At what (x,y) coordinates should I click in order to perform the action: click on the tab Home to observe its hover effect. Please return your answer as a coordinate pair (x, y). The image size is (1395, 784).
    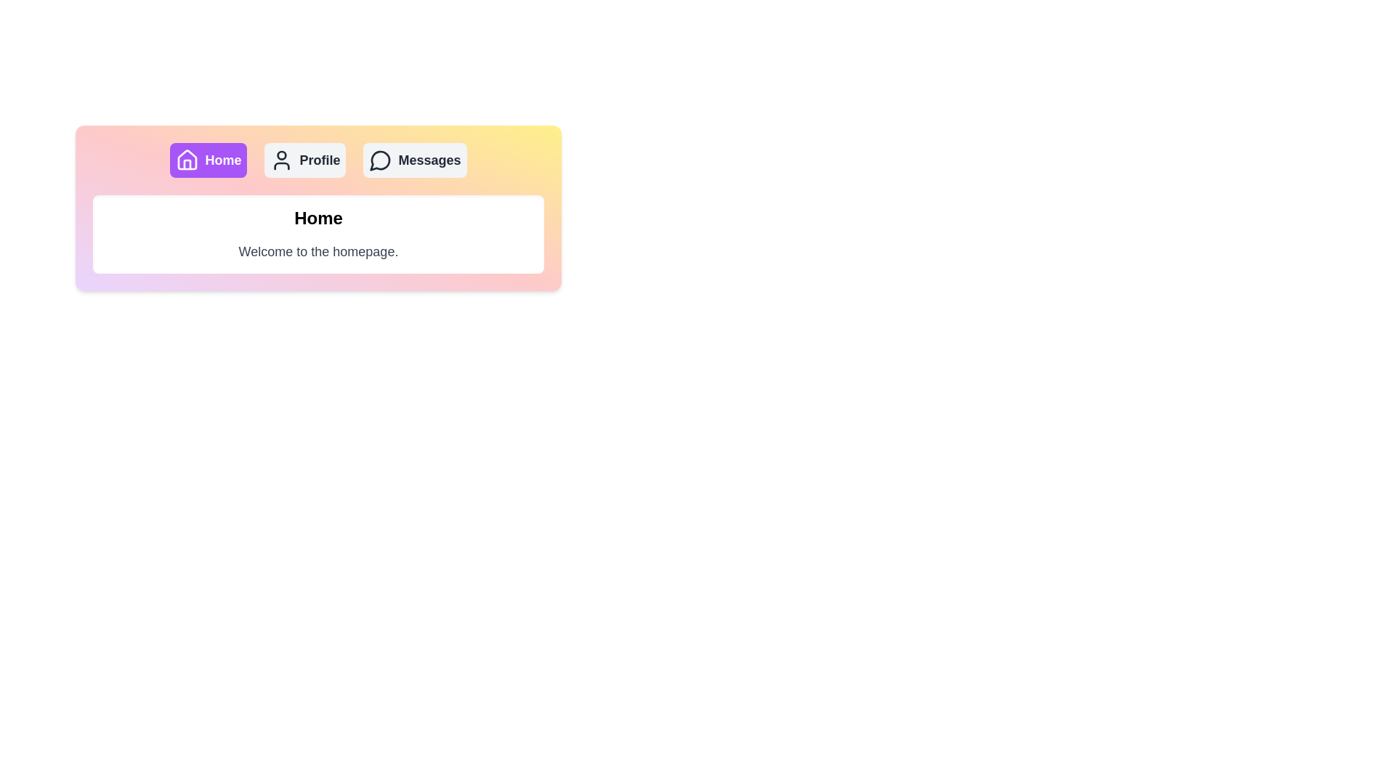
    Looking at the image, I should click on (208, 160).